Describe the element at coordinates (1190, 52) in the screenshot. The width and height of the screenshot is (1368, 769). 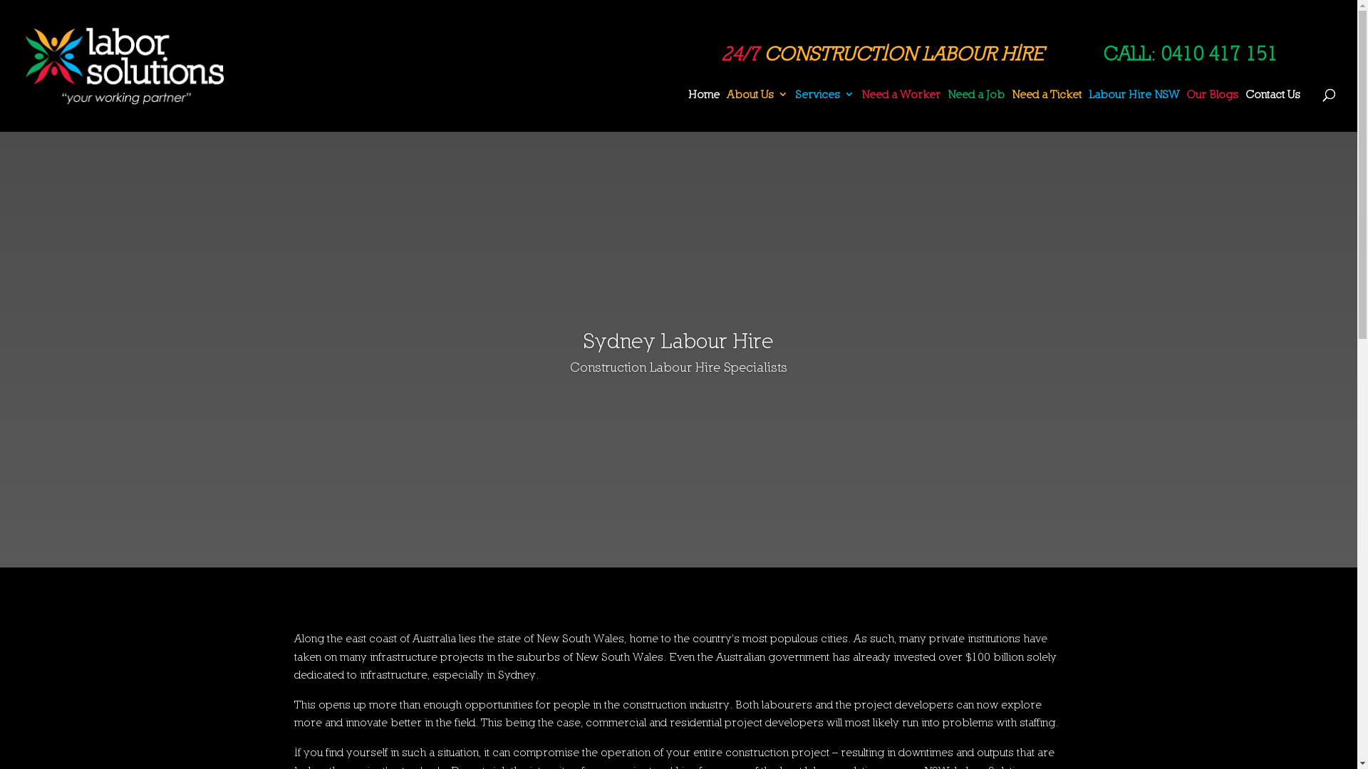
I see `'CALL: 0410 417 151'` at that location.